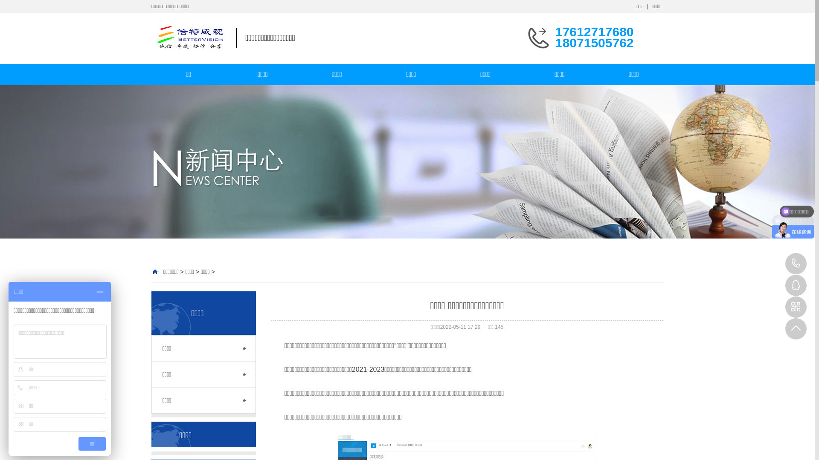  What do you see at coordinates (796, 263) in the screenshot?
I see `'17612717680'` at bounding box center [796, 263].